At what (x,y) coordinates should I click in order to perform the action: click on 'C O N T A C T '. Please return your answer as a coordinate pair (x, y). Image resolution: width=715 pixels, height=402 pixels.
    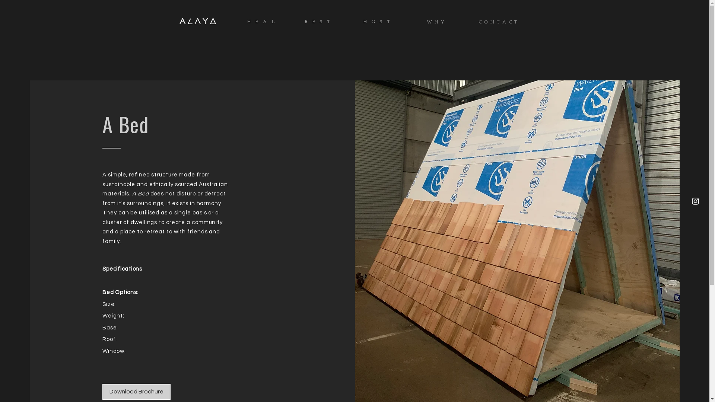
    Looking at the image, I should click on (499, 21).